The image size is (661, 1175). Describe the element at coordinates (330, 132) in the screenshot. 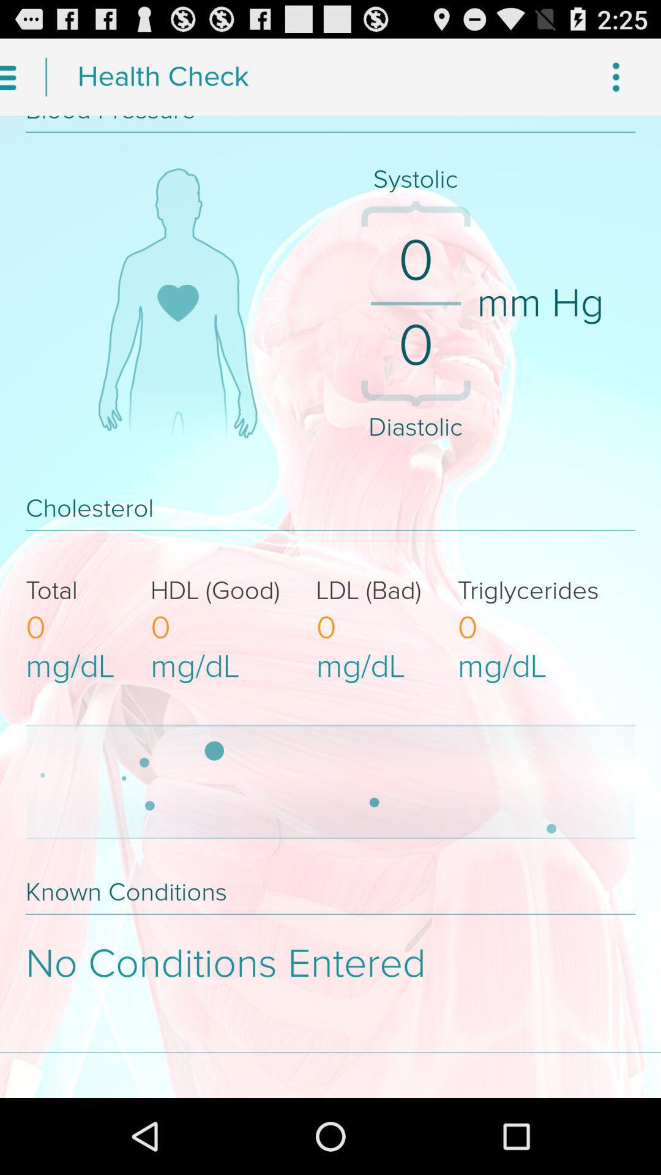

I see `the horizontal line above systolic` at that location.